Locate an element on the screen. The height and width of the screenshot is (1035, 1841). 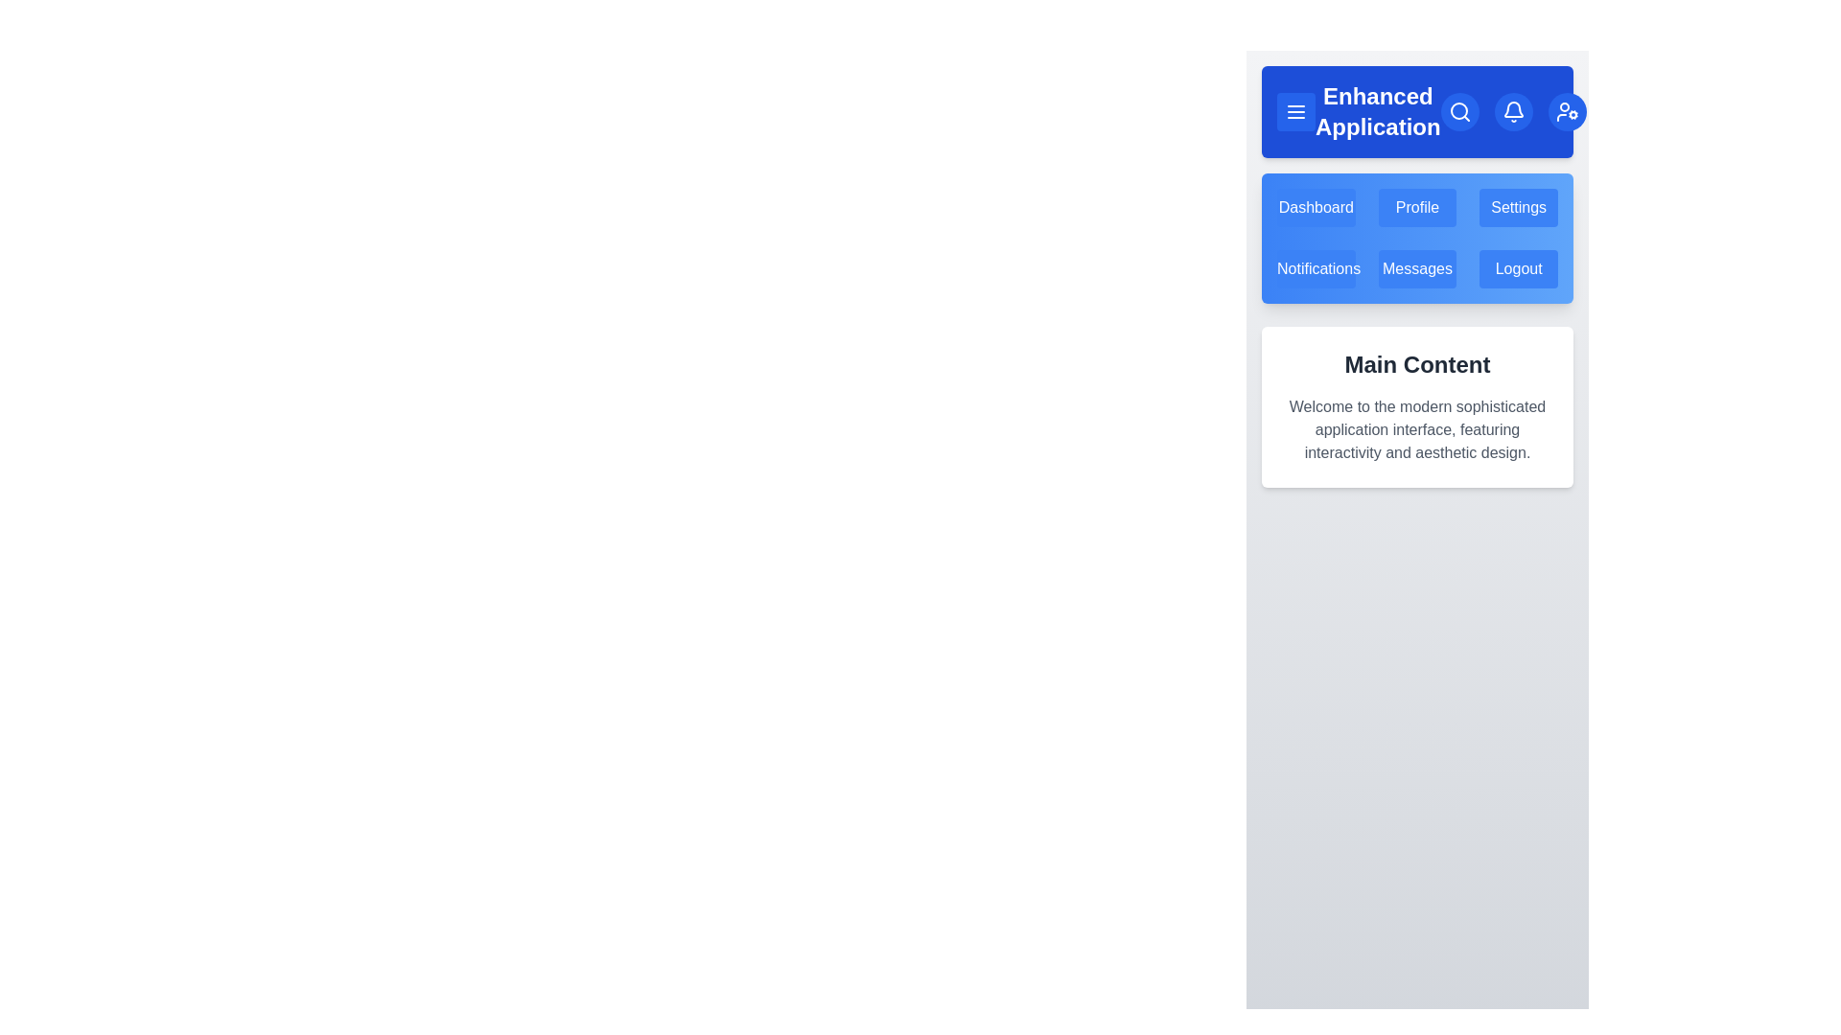
the menu item Dashboard is located at coordinates (1315, 207).